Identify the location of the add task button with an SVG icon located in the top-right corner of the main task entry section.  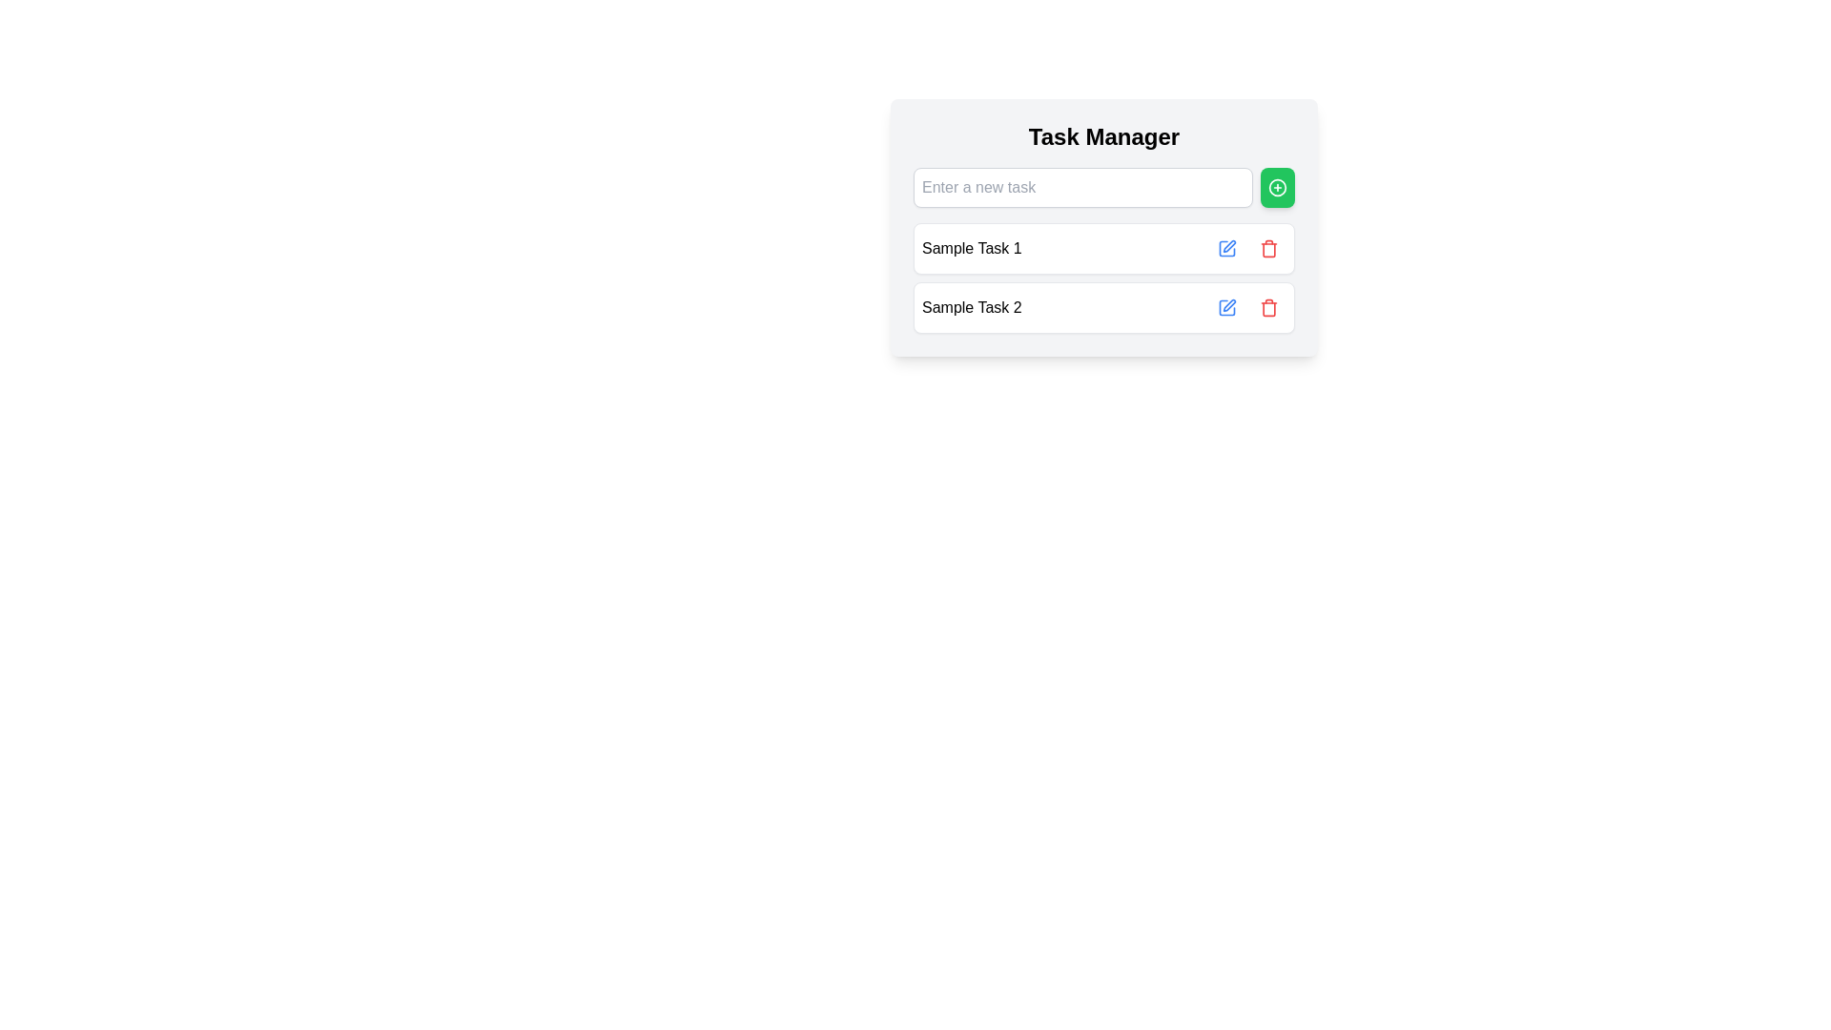
(1277, 187).